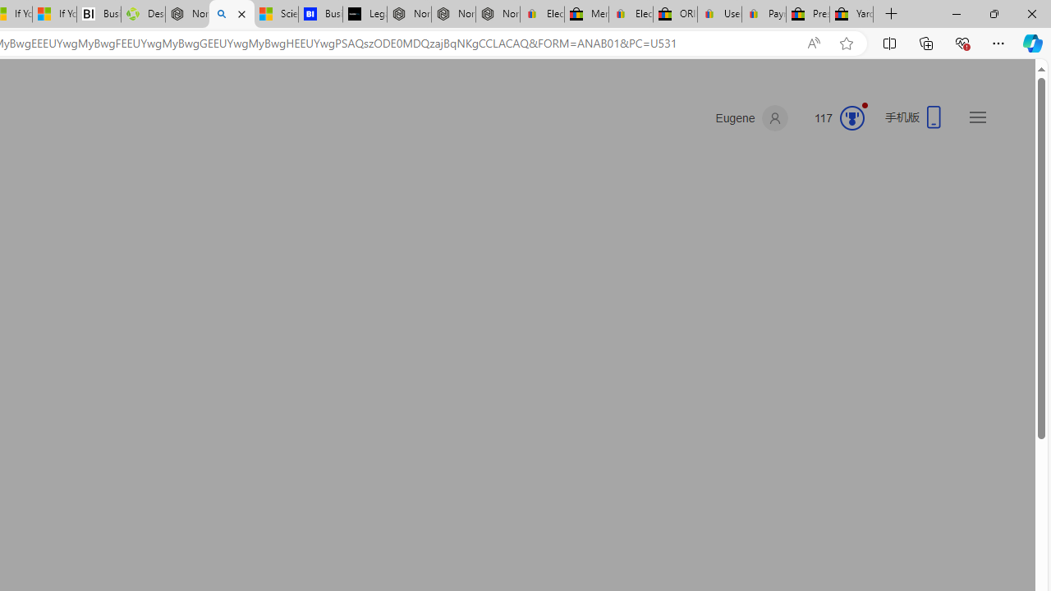 This screenshot has width=1051, height=591. Describe the element at coordinates (851, 14) in the screenshot. I see `'Yard, Garden & Outdoor Living'` at that location.